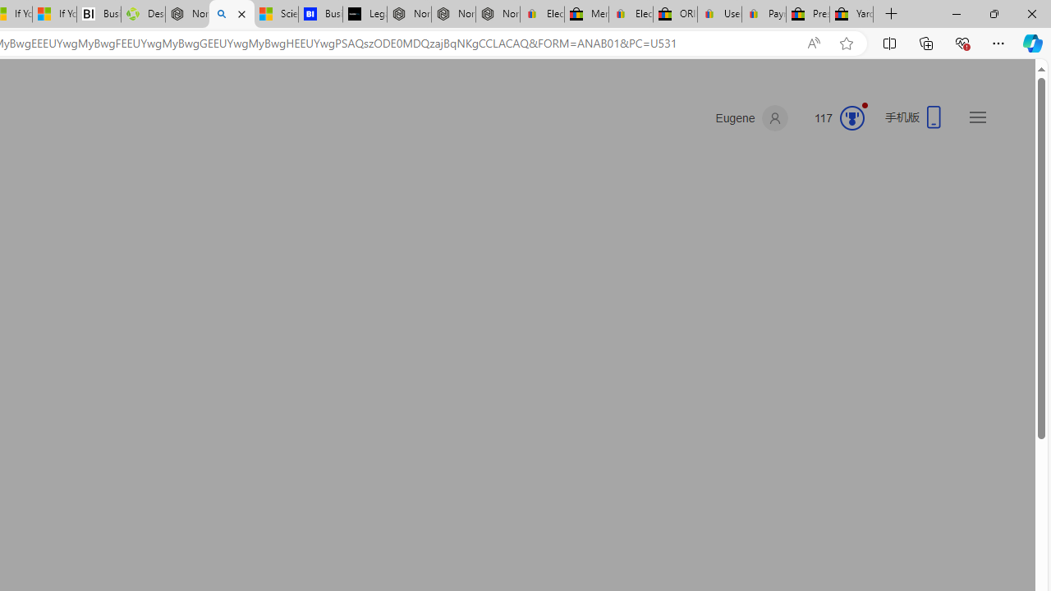 This screenshot has width=1051, height=591. Describe the element at coordinates (851, 14) in the screenshot. I see `'Yard, Garden & Outdoor Living'` at that location.